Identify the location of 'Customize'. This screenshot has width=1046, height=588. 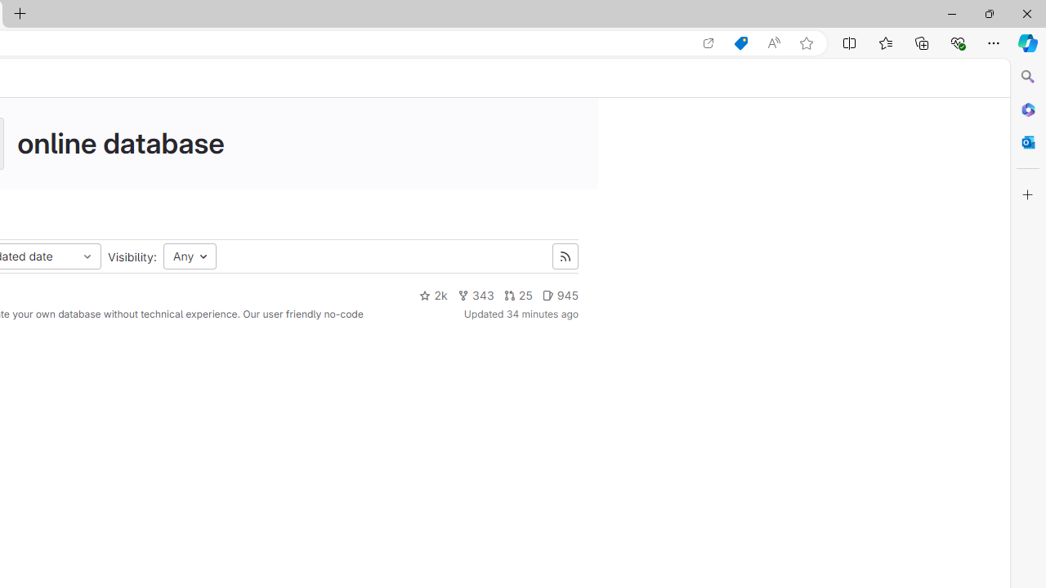
(1027, 194).